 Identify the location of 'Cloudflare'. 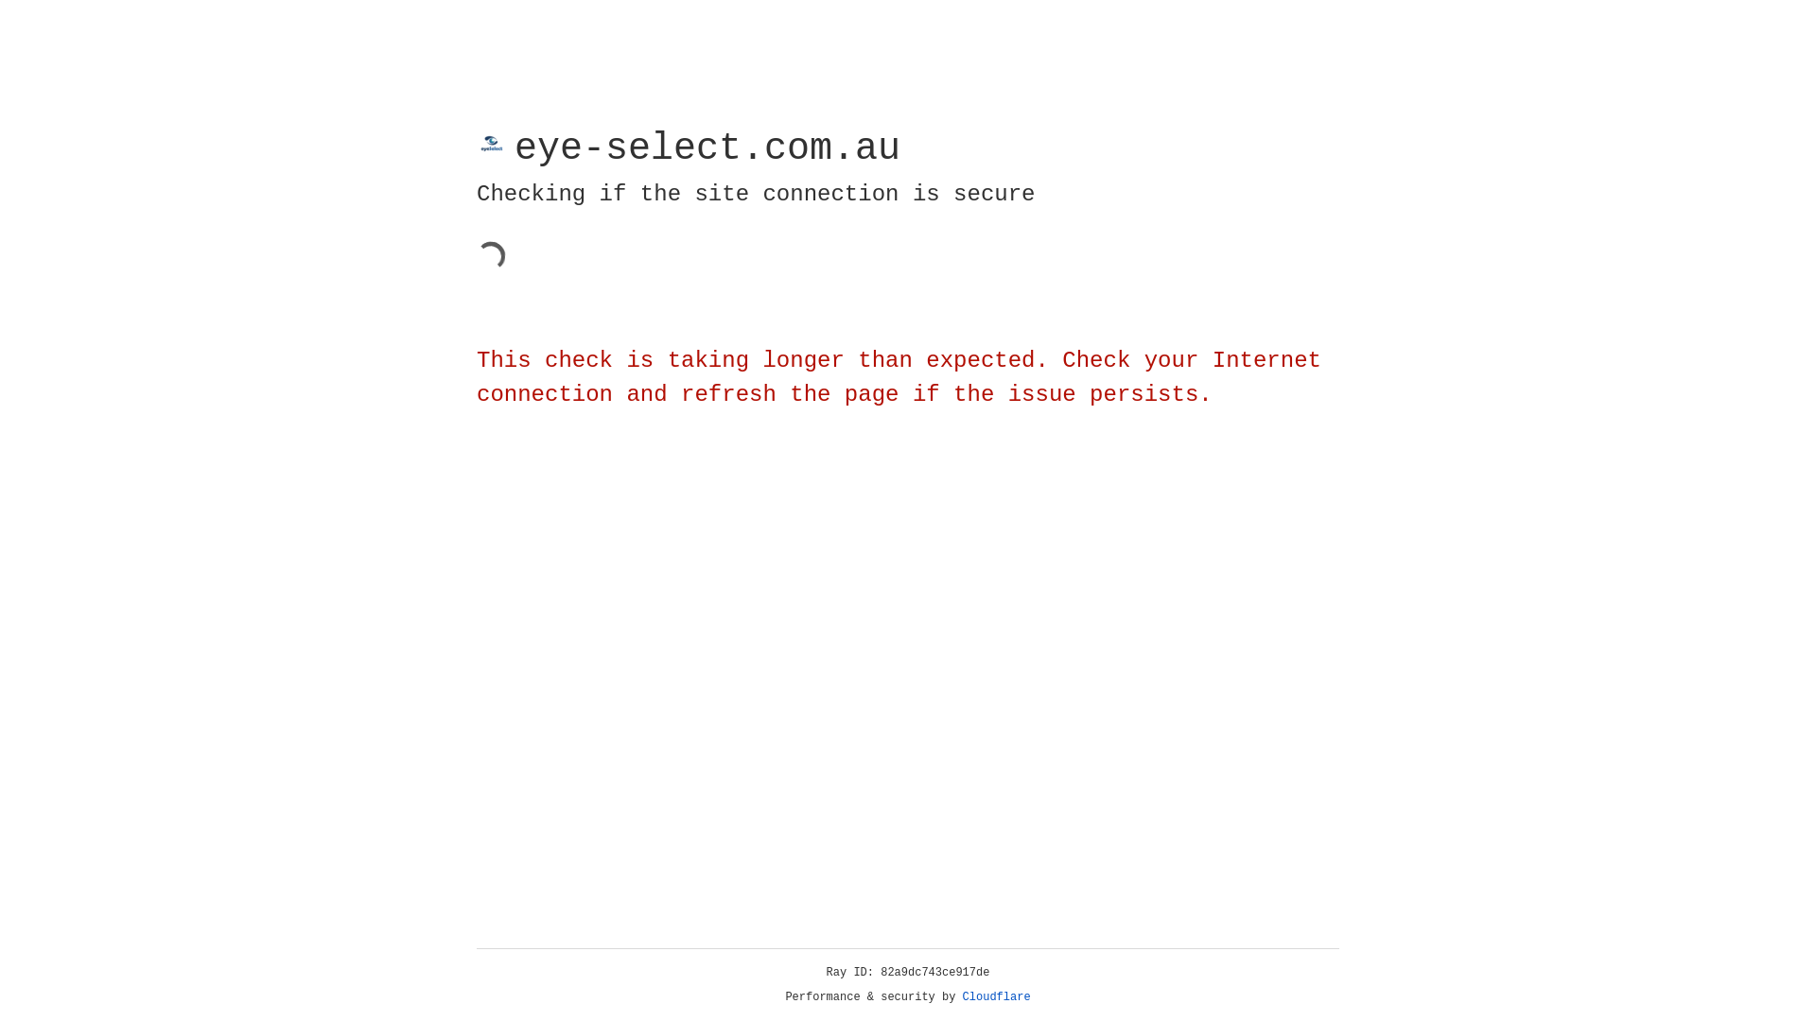
(962, 996).